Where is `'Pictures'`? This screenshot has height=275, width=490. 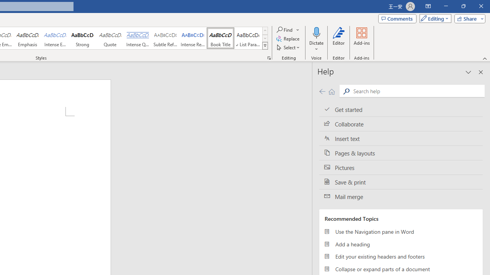 'Pictures' is located at coordinates (400, 167).